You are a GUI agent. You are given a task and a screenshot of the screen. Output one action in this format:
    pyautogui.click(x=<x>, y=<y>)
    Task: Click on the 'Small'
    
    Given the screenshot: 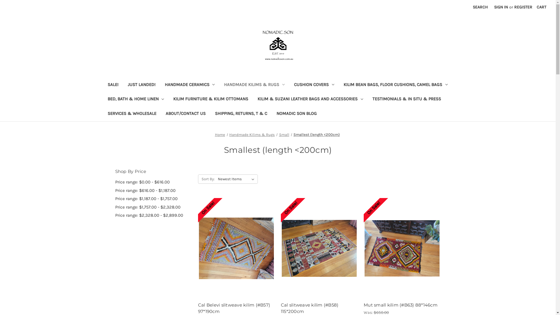 What is the action you would take?
    pyautogui.click(x=284, y=134)
    